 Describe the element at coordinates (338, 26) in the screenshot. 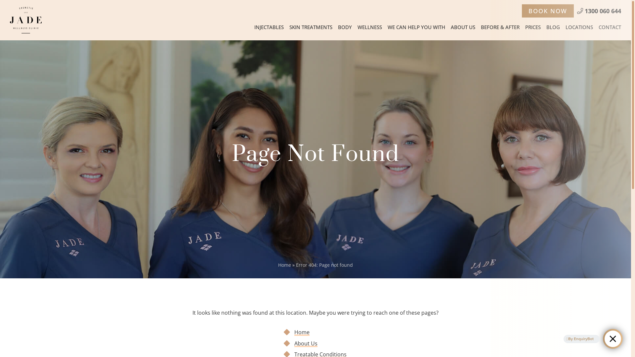

I see `'BODY'` at that location.